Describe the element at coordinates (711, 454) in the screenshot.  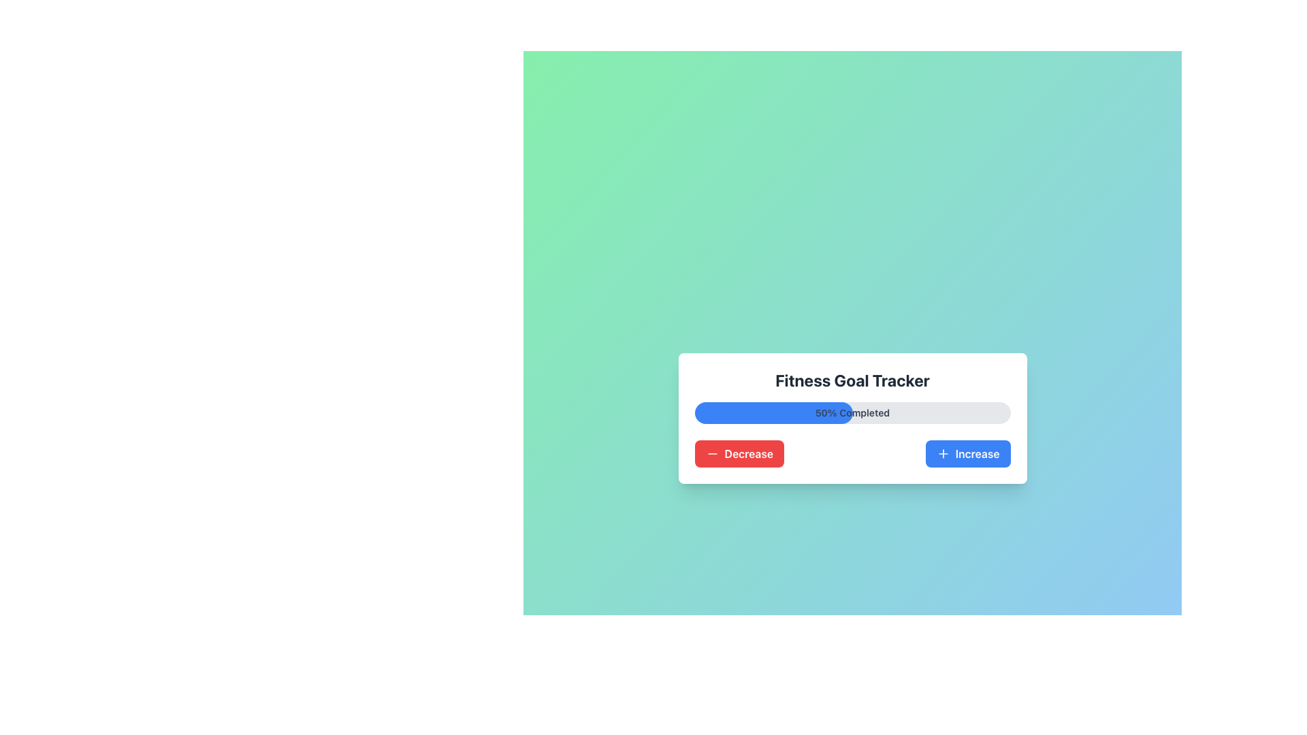
I see `the icon representing a decrease or subtraction action located at the center of the left button labeled 'Decrease', positioned at the bottom-left of the interface near the 'Increase' button` at that location.